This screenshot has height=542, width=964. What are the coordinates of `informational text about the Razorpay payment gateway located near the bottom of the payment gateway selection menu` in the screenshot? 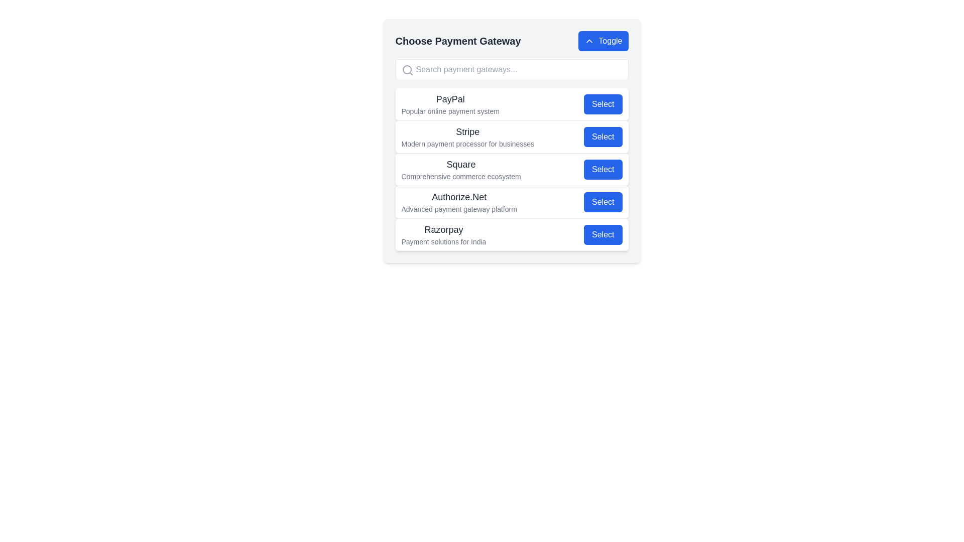 It's located at (443, 234).